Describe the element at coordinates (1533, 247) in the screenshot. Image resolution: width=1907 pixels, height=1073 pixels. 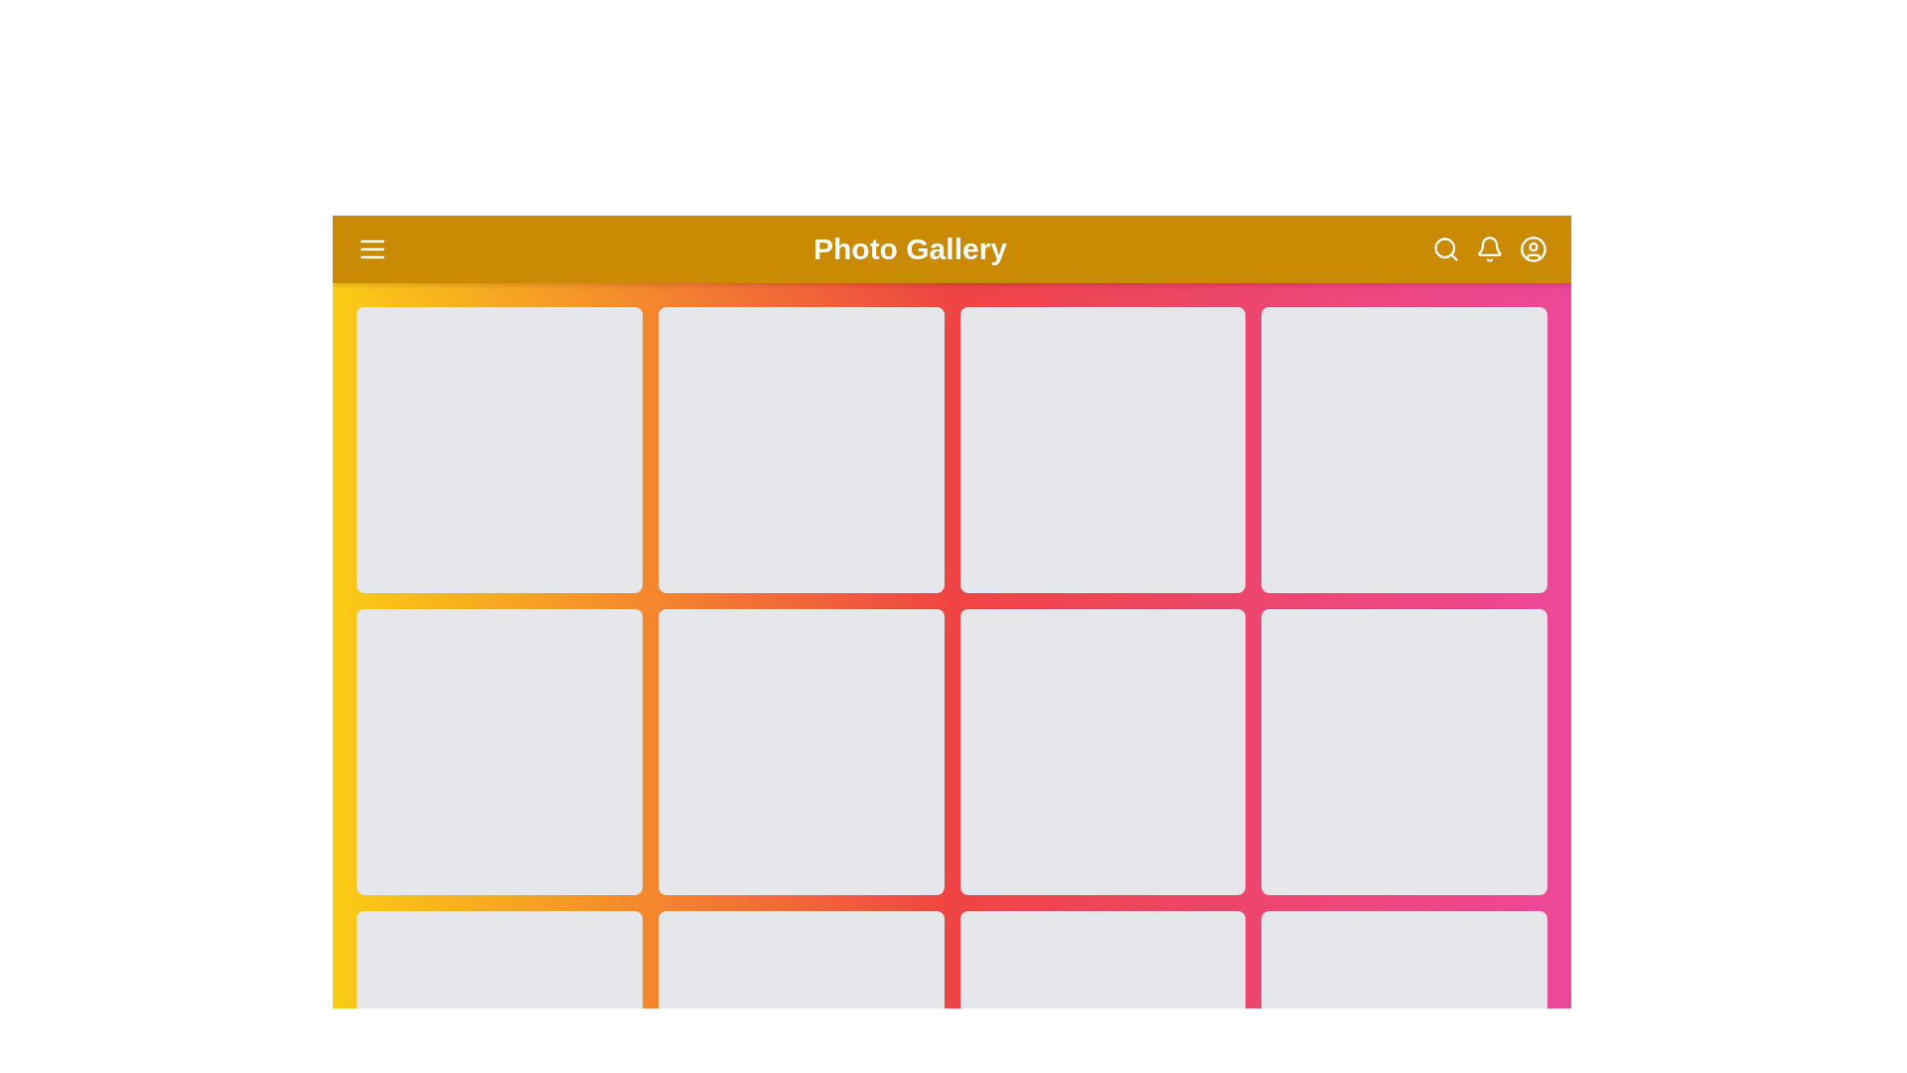
I see `the user circle icon to access user account options` at that location.